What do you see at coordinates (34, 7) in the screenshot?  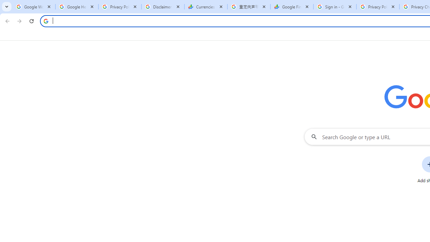 I see `'Google Workspace Admin Community'` at bounding box center [34, 7].